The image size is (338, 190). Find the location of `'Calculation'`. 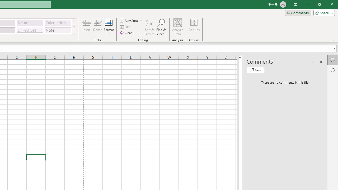

'Calculation' is located at coordinates (58, 22).